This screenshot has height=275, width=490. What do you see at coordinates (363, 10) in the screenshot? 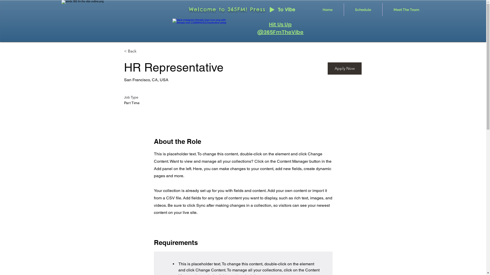
I see `'Schedule'` at bounding box center [363, 10].